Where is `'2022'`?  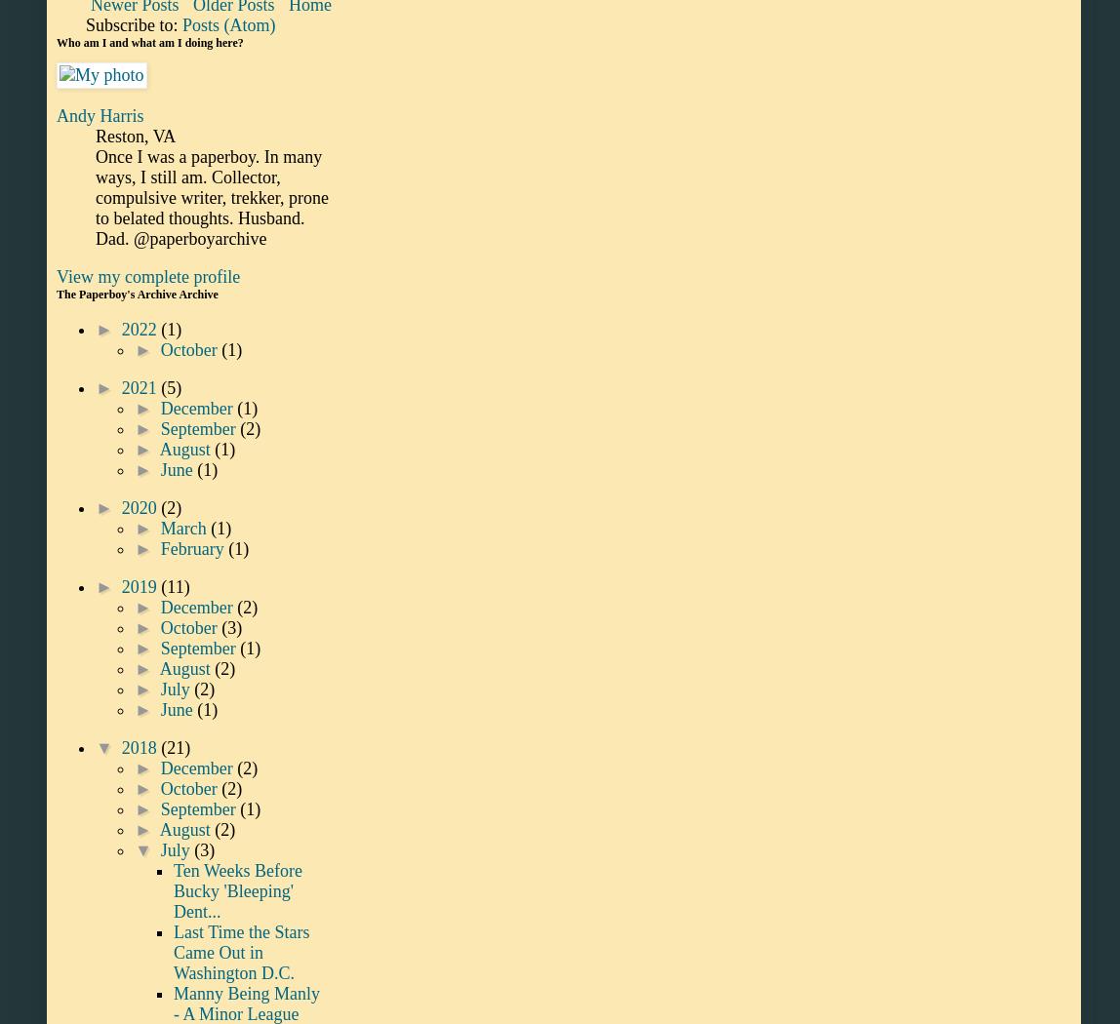
'2022' is located at coordinates (140, 329).